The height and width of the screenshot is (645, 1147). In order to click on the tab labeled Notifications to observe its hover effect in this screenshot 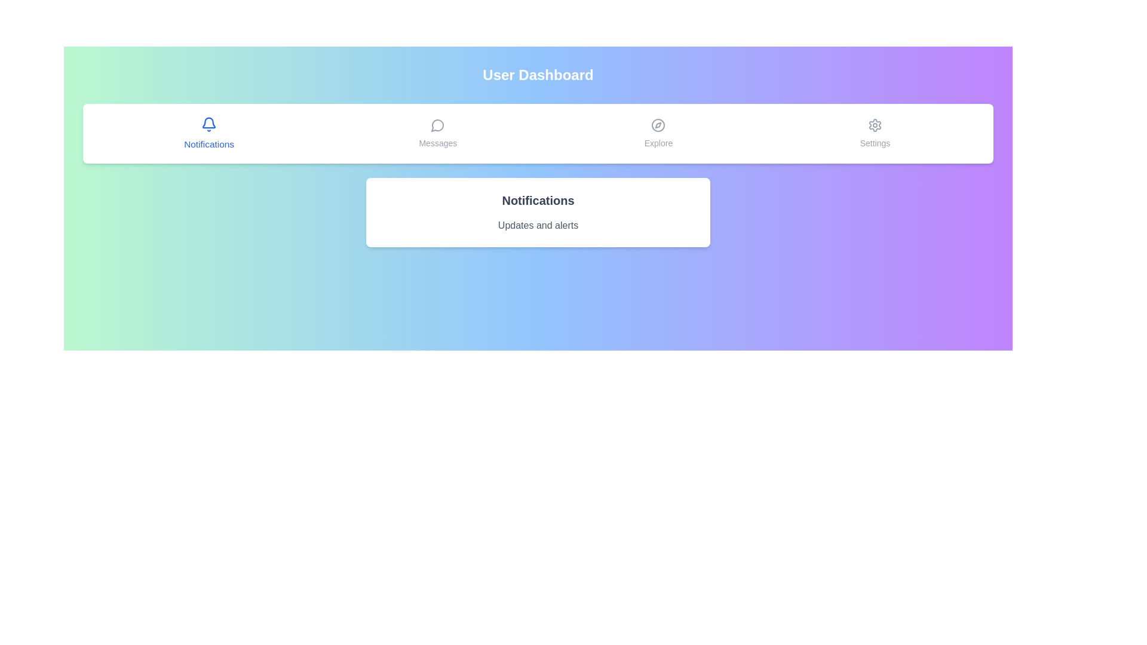, I will do `click(208, 133)`.